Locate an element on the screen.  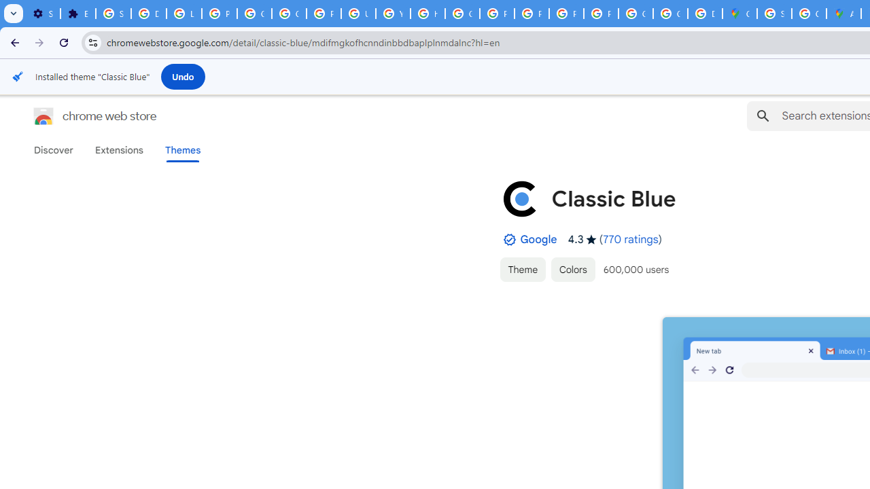
'Chrome Web Store logo' is located at coordinates (43, 115).